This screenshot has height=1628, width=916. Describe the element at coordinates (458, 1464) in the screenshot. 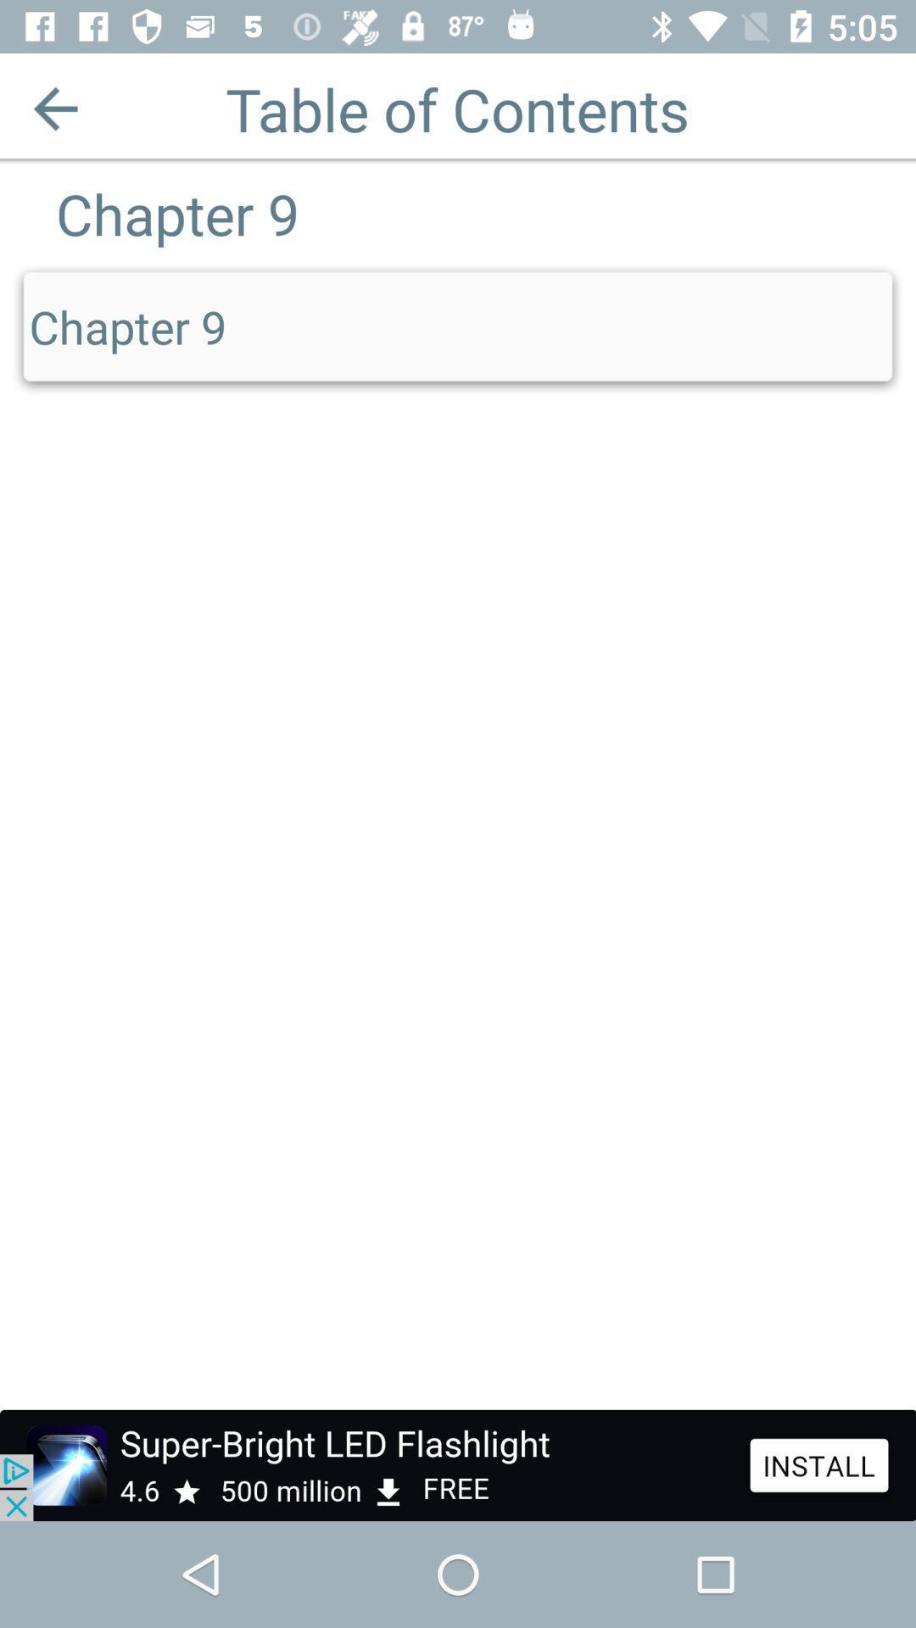

I see `advertisement page` at that location.